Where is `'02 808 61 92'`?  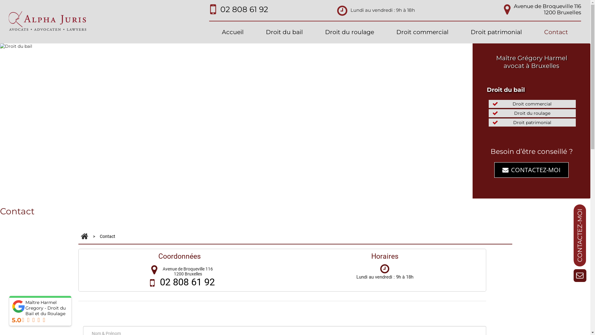 '02 808 61 92' is located at coordinates (187, 282).